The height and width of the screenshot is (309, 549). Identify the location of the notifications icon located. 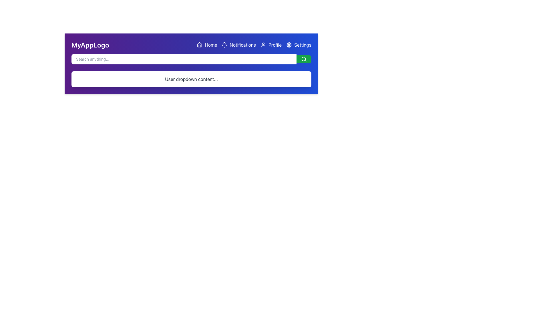
(224, 45).